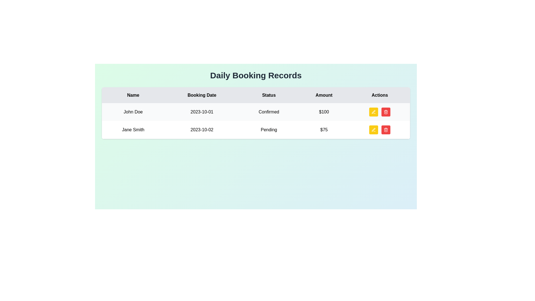  Describe the element at coordinates (324, 95) in the screenshot. I see `the 'Amount' table header cell` at that location.